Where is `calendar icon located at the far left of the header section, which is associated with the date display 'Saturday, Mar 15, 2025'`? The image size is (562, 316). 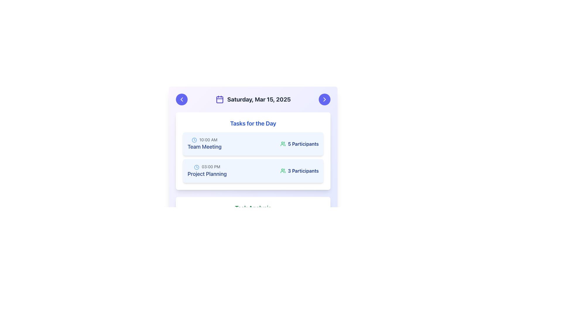
calendar icon located at the far left of the header section, which is associated with the date display 'Saturday, Mar 15, 2025' is located at coordinates (219, 99).